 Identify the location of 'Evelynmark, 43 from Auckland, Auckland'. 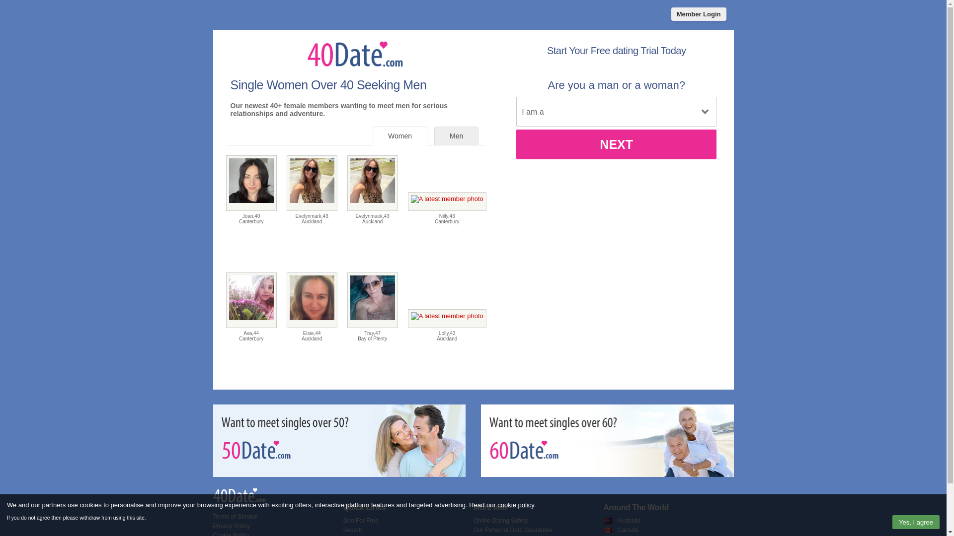
(312, 183).